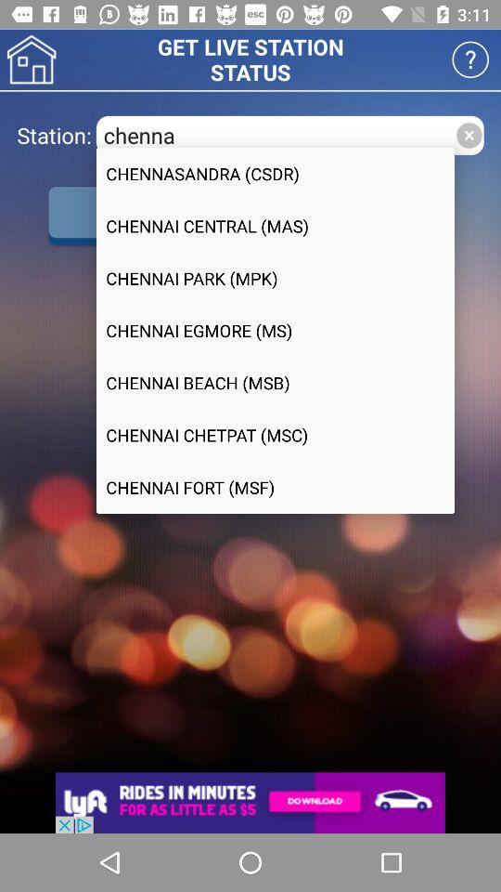 This screenshot has width=501, height=892. Describe the element at coordinates (468, 134) in the screenshot. I see `close` at that location.